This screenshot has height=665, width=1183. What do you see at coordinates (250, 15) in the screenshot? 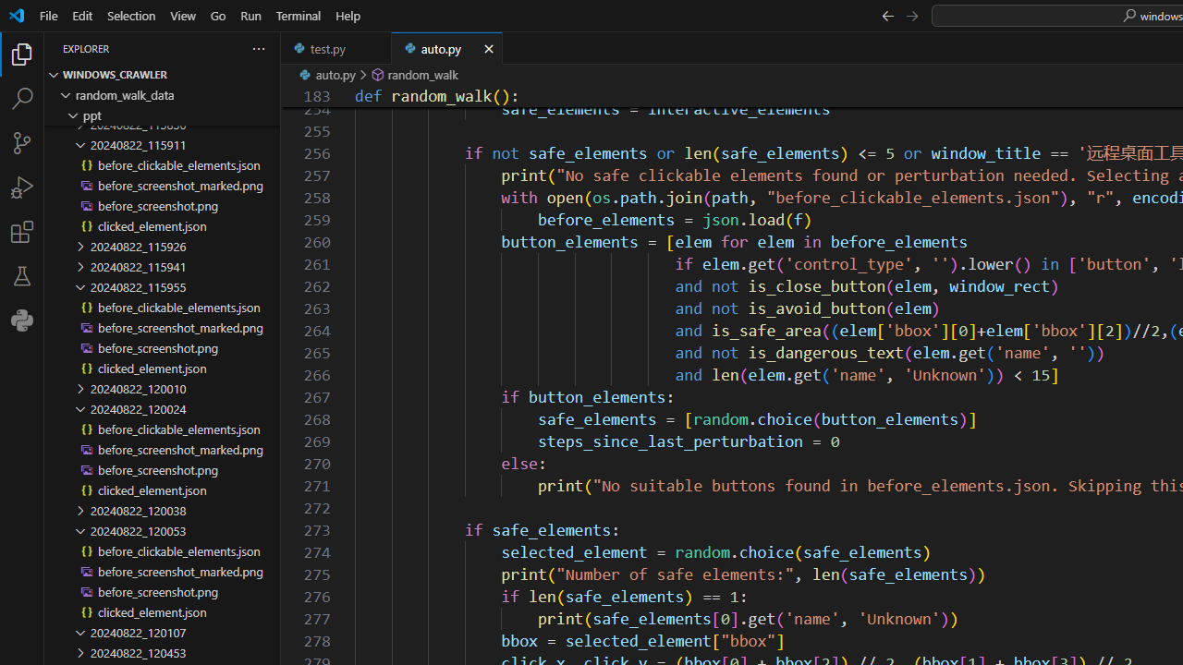
I see `'Run'` at bounding box center [250, 15].